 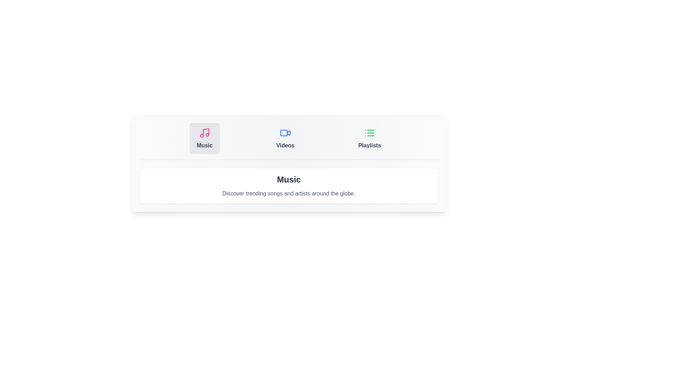 What do you see at coordinates (204, 138) in the screenshot?
I see `the Music tab to view its content` at bounding box center [204, 138].